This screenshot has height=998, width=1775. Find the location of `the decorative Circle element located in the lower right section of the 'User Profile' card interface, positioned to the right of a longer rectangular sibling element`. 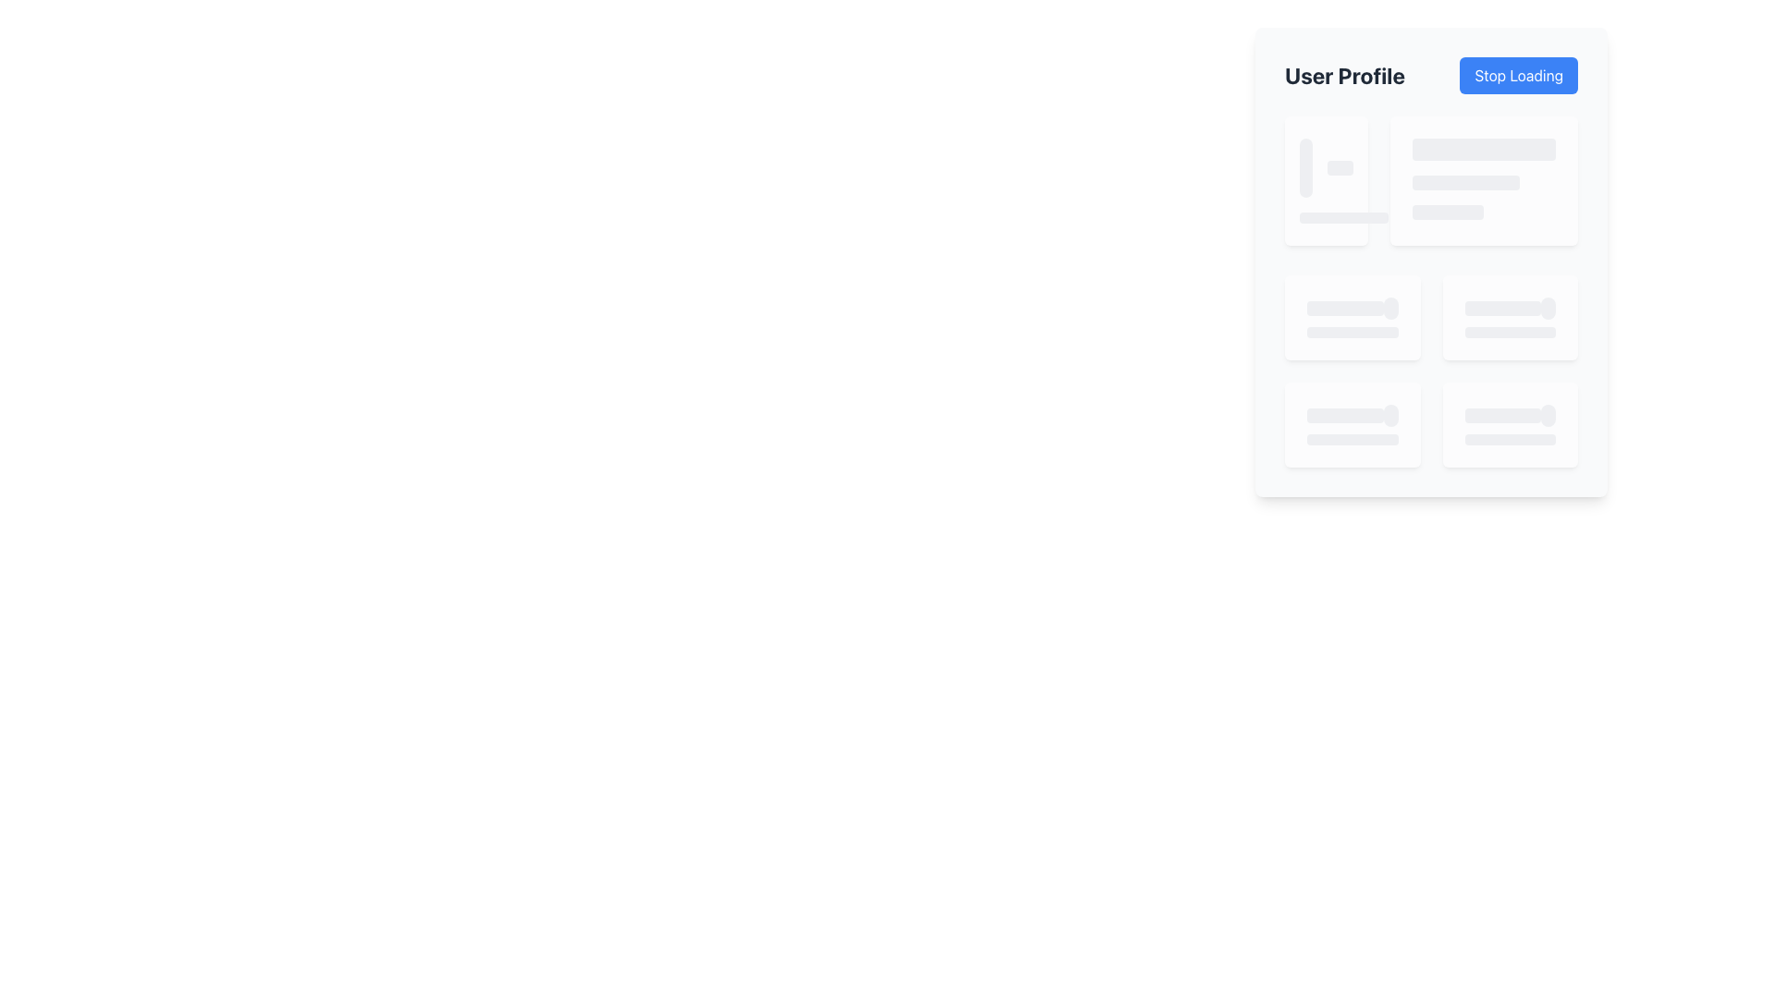

the decorative Circle element located in the lower right section of the 'User Profile' card interface, positioned to the right of a longer rectangular sibling element is located at coordinates (1549, 308).